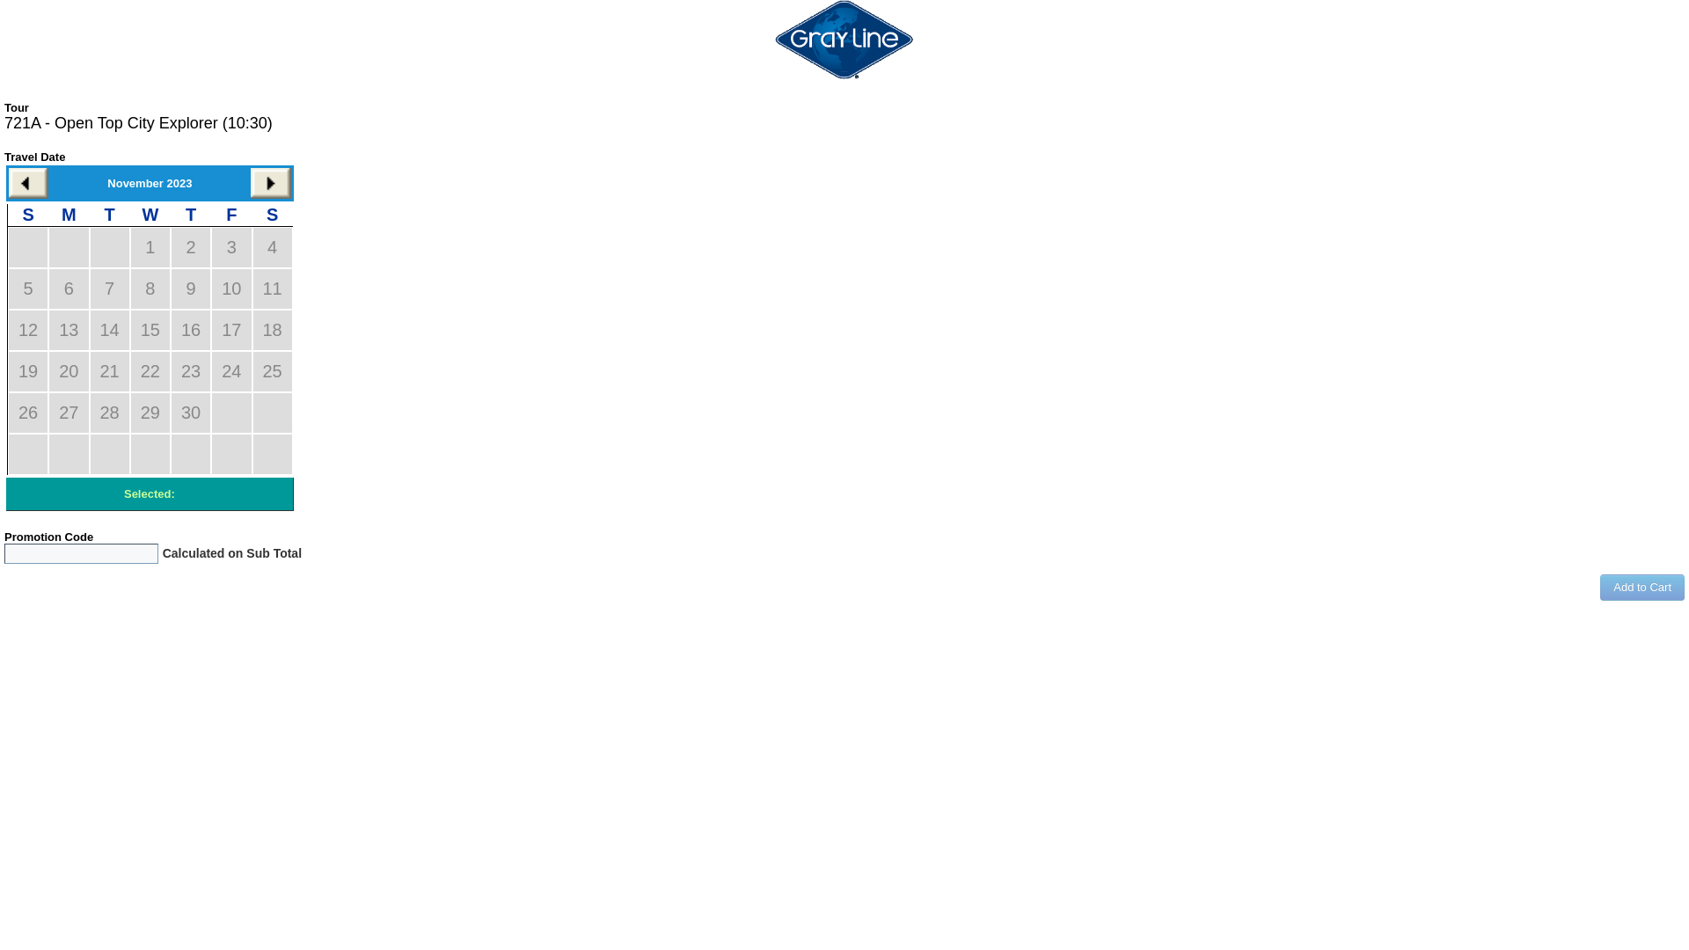 Image resolution: width=1689 pixels, height=950 pixels. What do you see at coordinates (1600, 587) in the screenshot?
I see `'Add to Cart'` at bounding box center [1600, 587].